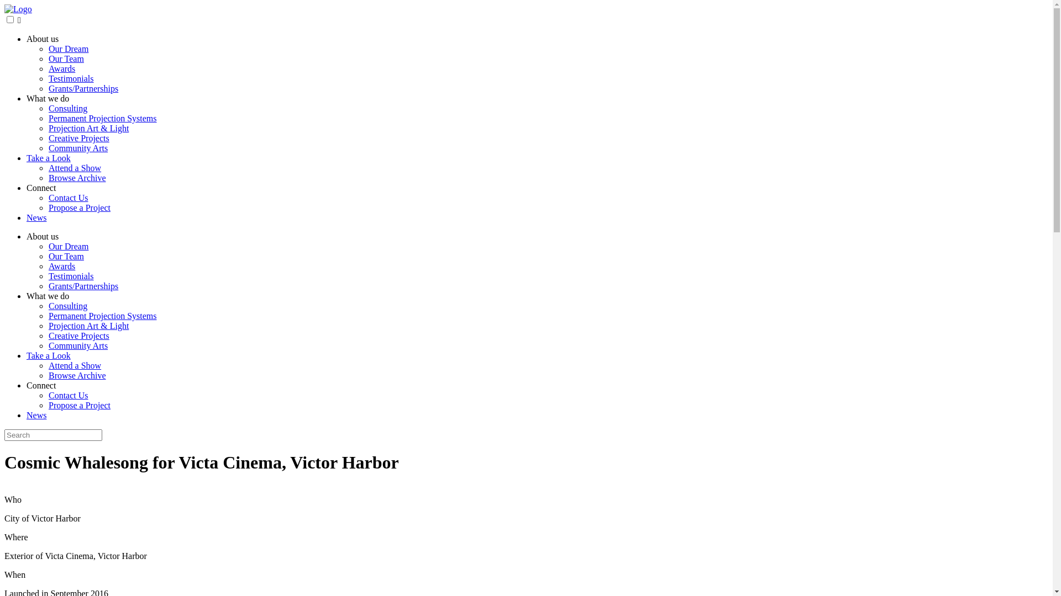 The height and width of the screenshot is (596, 1061). Describe the element at coordinates (82, 285) in the screenshot. I see `'Grants/Partnerships'` at that location.